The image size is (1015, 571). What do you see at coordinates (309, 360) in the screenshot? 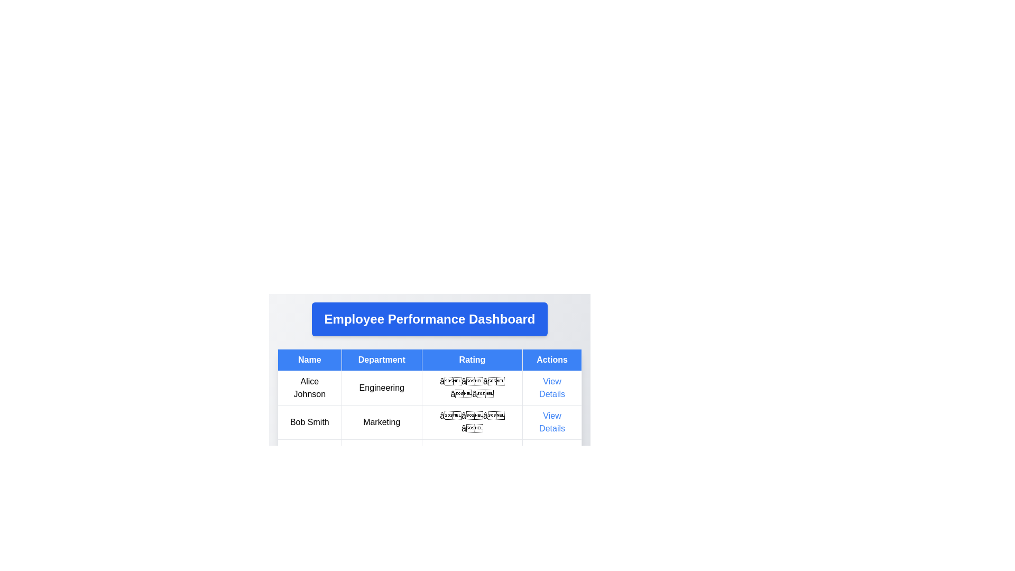
I see `text from the first header cell of the table, which indicates the column displays names of employees` at bounding box center [309, 360].